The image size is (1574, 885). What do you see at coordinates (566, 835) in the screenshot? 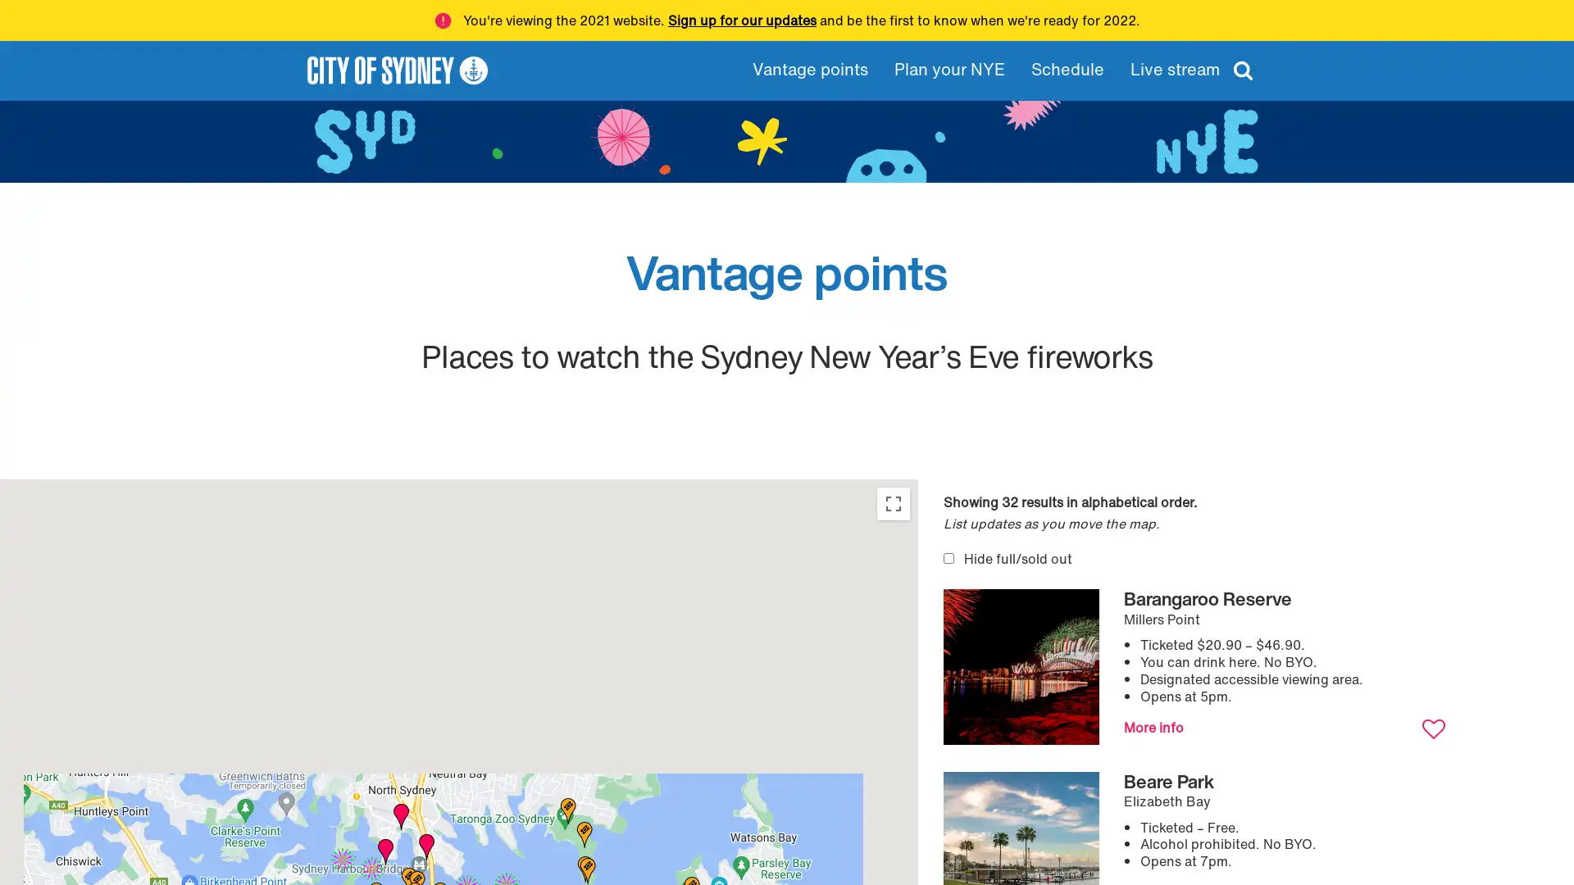
I see `Taronga Zoo` at bounding box center [566, 835].